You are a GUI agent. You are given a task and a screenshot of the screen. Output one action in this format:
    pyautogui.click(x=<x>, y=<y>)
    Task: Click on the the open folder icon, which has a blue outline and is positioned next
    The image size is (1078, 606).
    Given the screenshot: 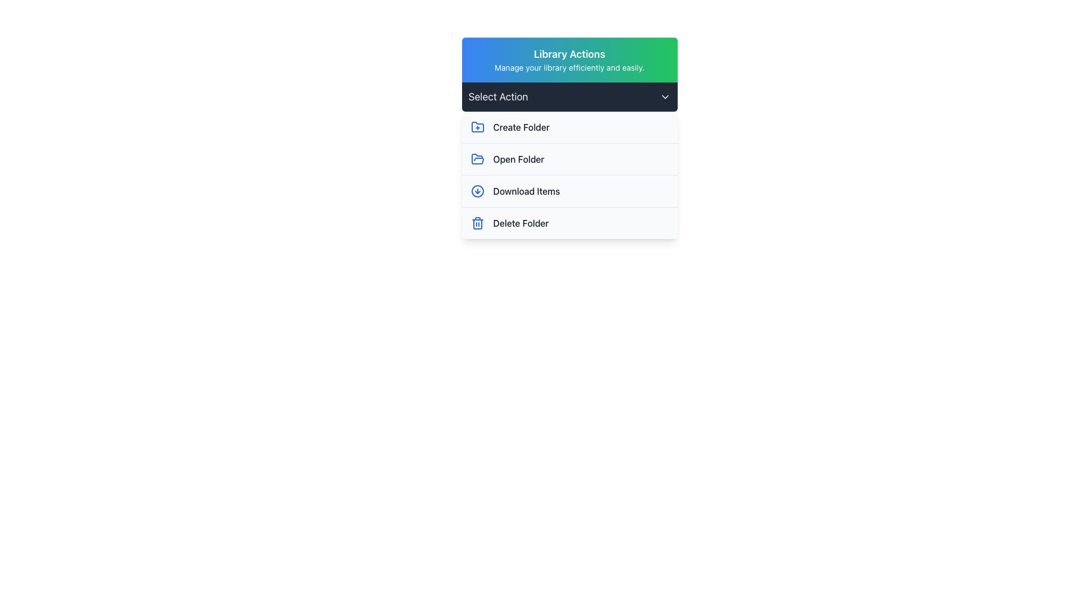 What is the action you would take?
    pyautogui.click(x=477, y=159)
    